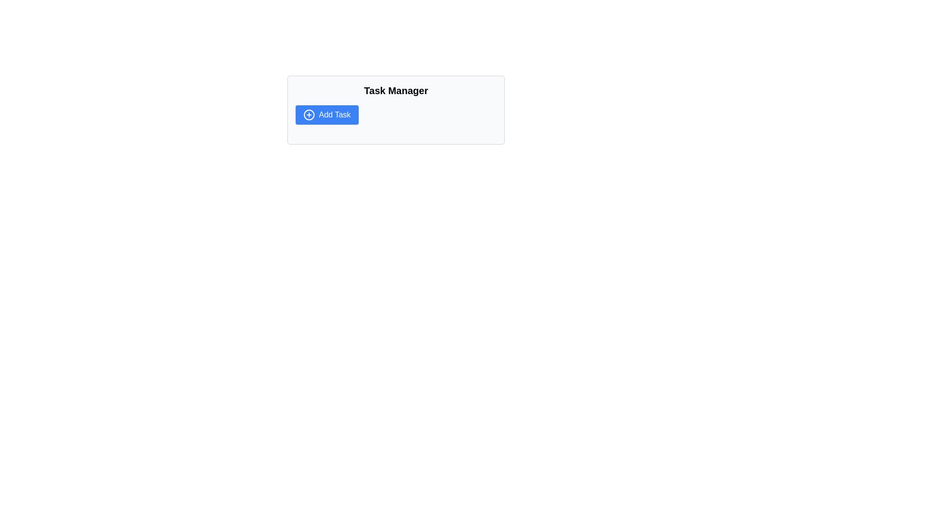  Describe the element at coordinates (309, 114) in the screenshot. I see `the plus sign icon inside a circle, which signifies the addition of new items or actions, located just to the left of the 'Add Task' button` at that location.